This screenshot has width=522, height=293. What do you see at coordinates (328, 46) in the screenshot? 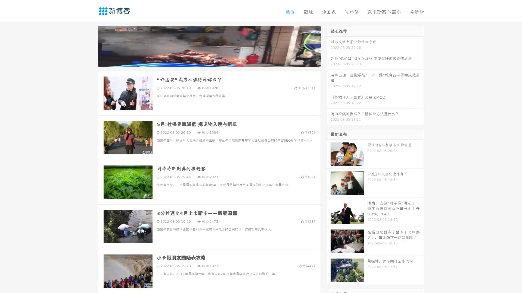
I see `Next slide` at bounding box center [328, 46].